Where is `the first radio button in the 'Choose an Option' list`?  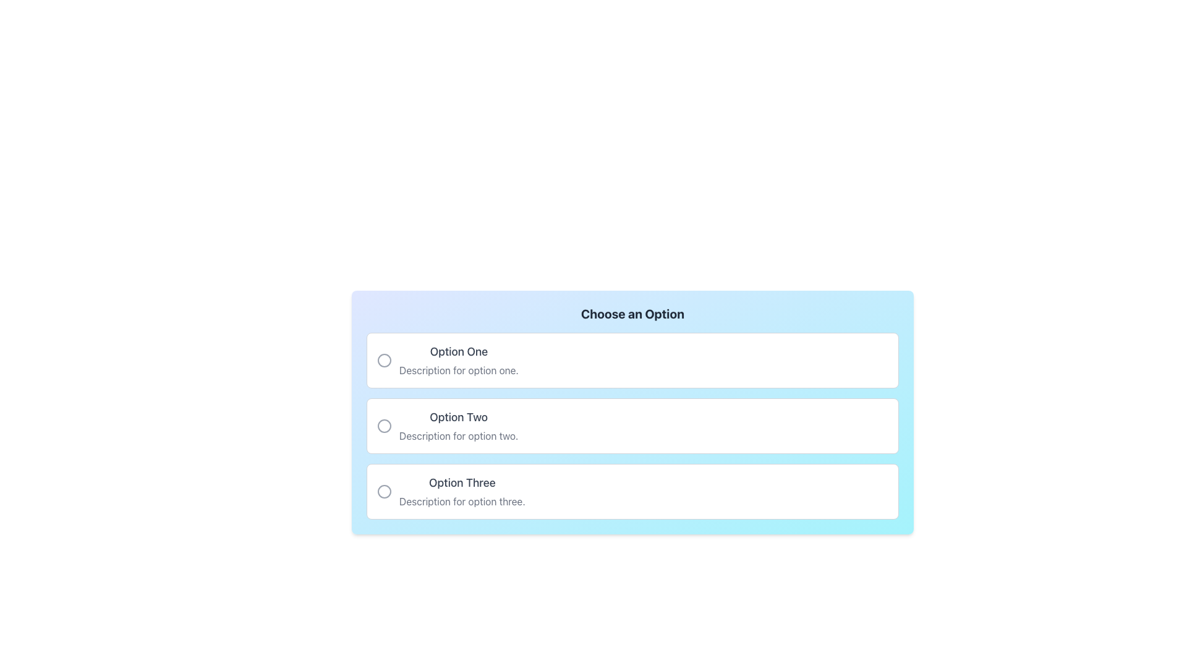
the first radio button in the 'Choose an Option' list is located at coordinates (384, 360).